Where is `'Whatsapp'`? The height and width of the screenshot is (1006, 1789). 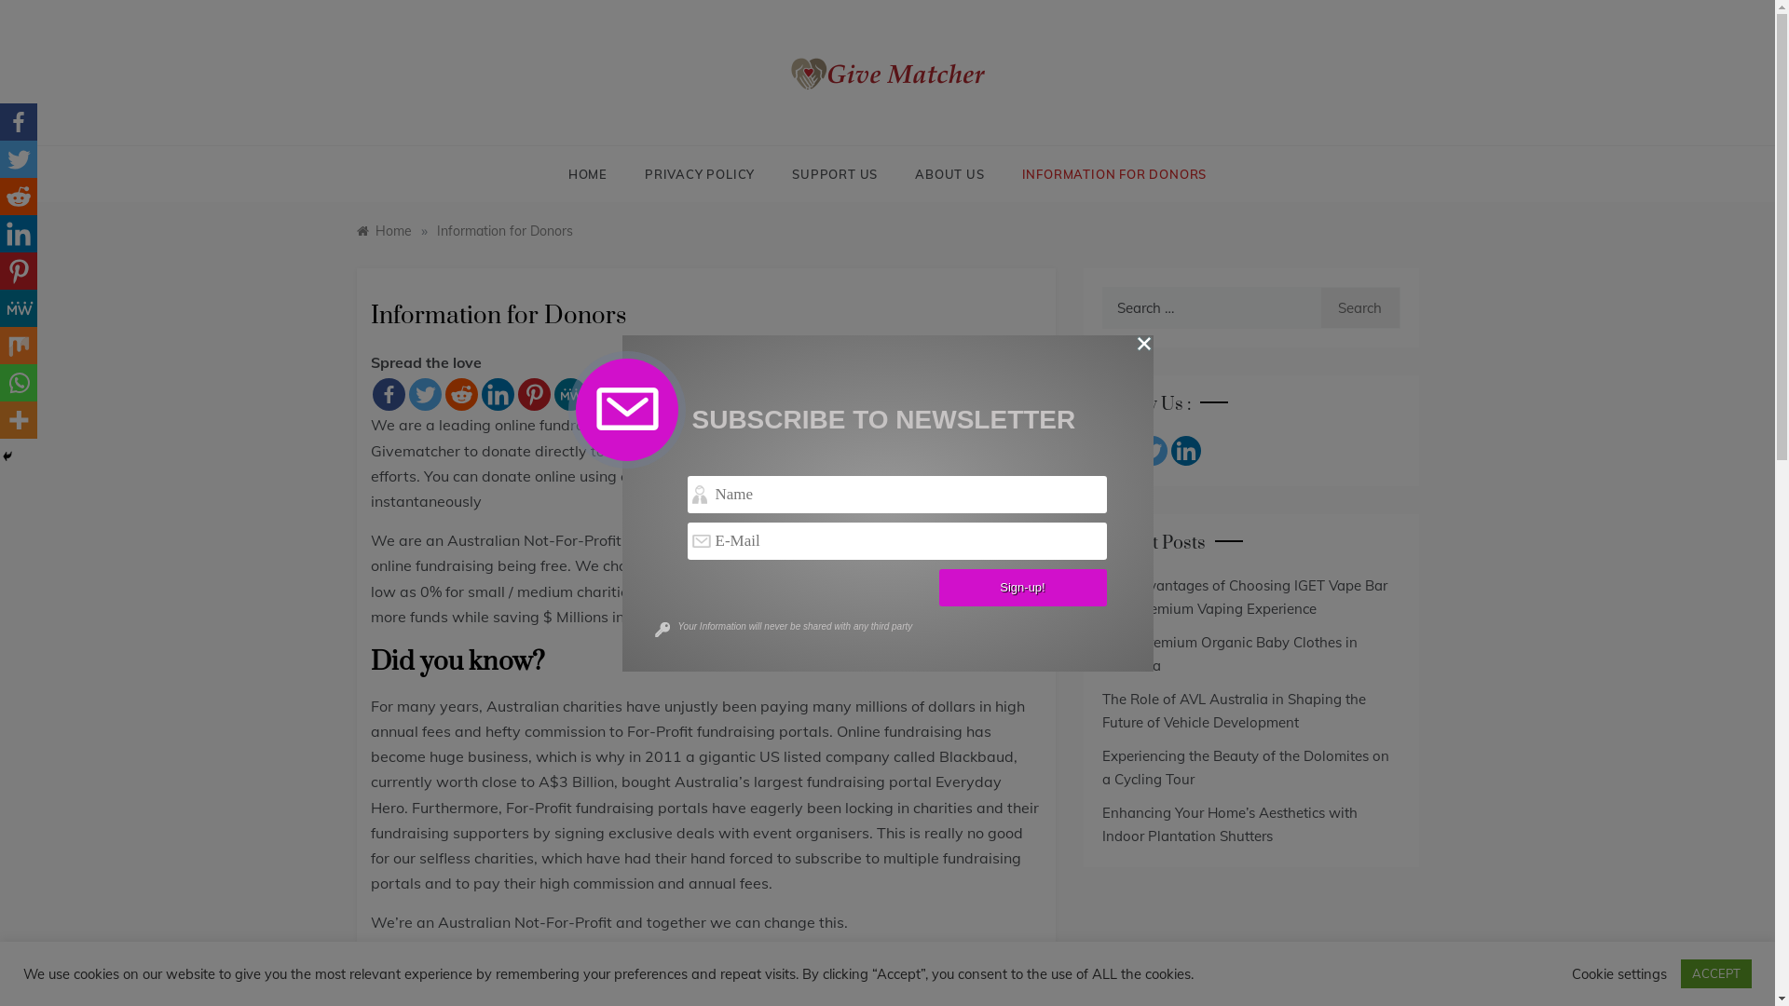
'Whatsapp' is located at coordinates (18, 382).